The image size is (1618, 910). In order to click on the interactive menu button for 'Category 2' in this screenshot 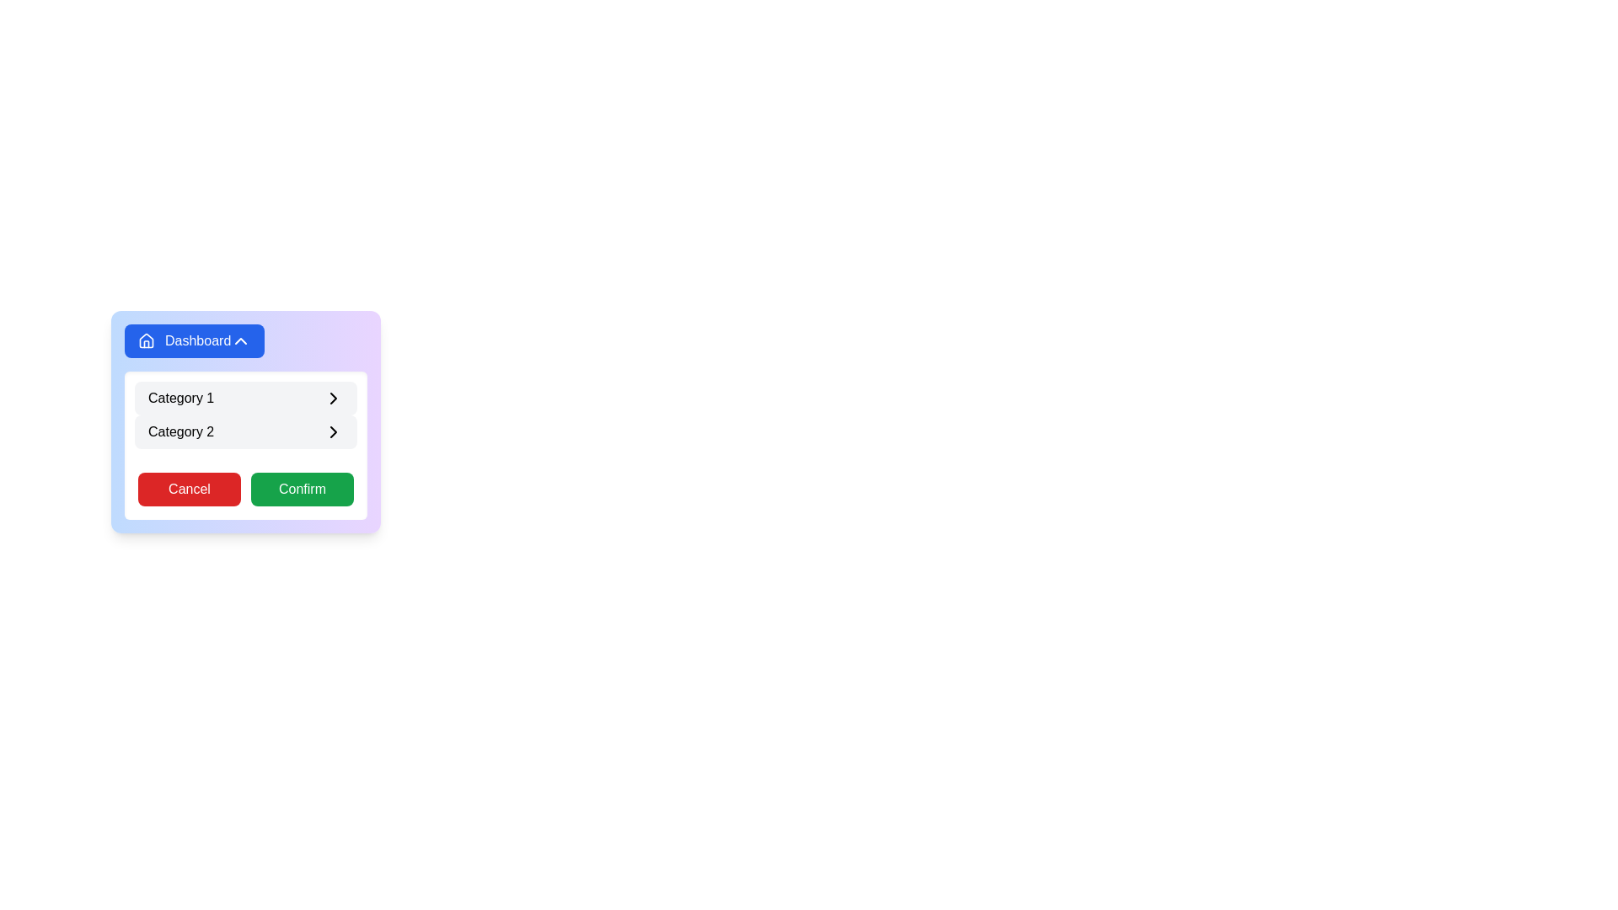, I will do `click(245, 431)`.